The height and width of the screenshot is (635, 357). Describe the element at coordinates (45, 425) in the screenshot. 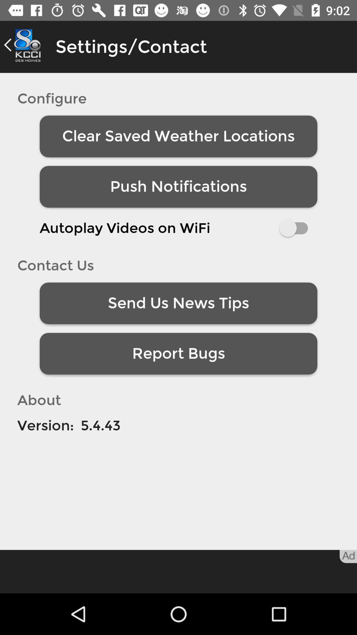

I see `the version: item` at that location.